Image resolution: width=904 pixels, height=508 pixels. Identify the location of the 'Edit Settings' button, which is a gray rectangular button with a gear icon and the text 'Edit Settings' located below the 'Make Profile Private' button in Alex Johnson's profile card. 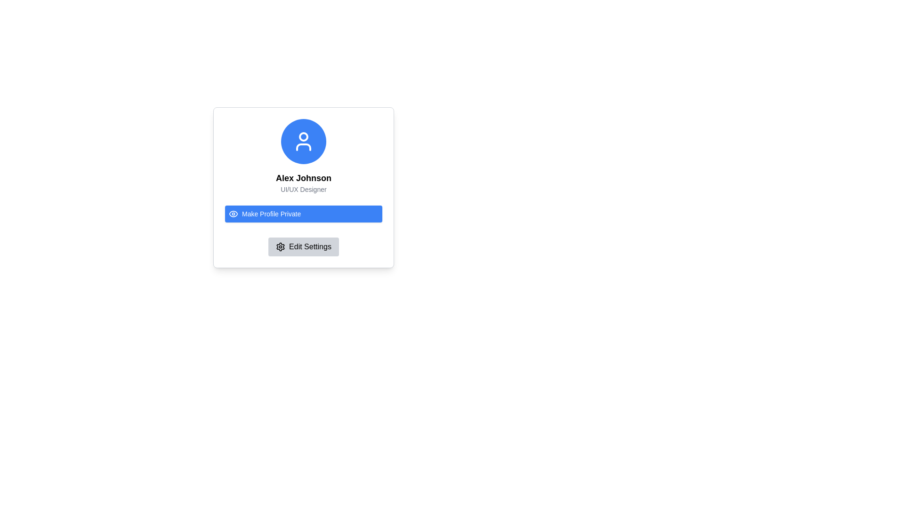
(303, 246).